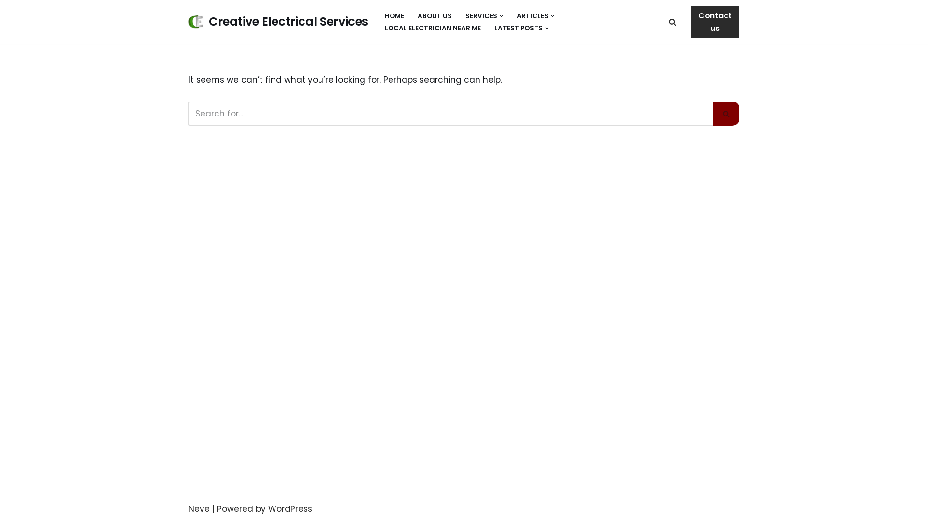 The image size is (928, 522). What do you see at coordinates (278, 22) in the screenshot?
I see `'Creative Electrical Services'` at bounding box center [278, 22].